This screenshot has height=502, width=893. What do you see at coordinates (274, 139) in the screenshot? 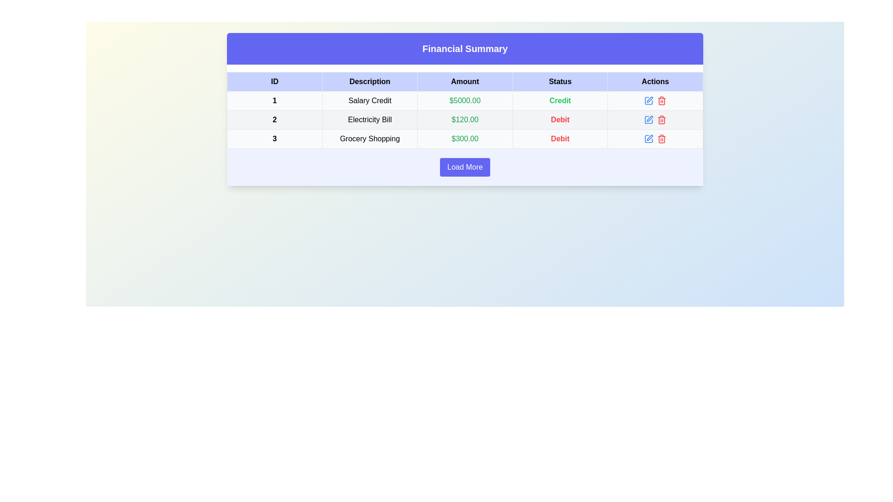
I see `the Table cell representing the identifier for the third entry in the financial summary table` at bounding box center [274, 139].